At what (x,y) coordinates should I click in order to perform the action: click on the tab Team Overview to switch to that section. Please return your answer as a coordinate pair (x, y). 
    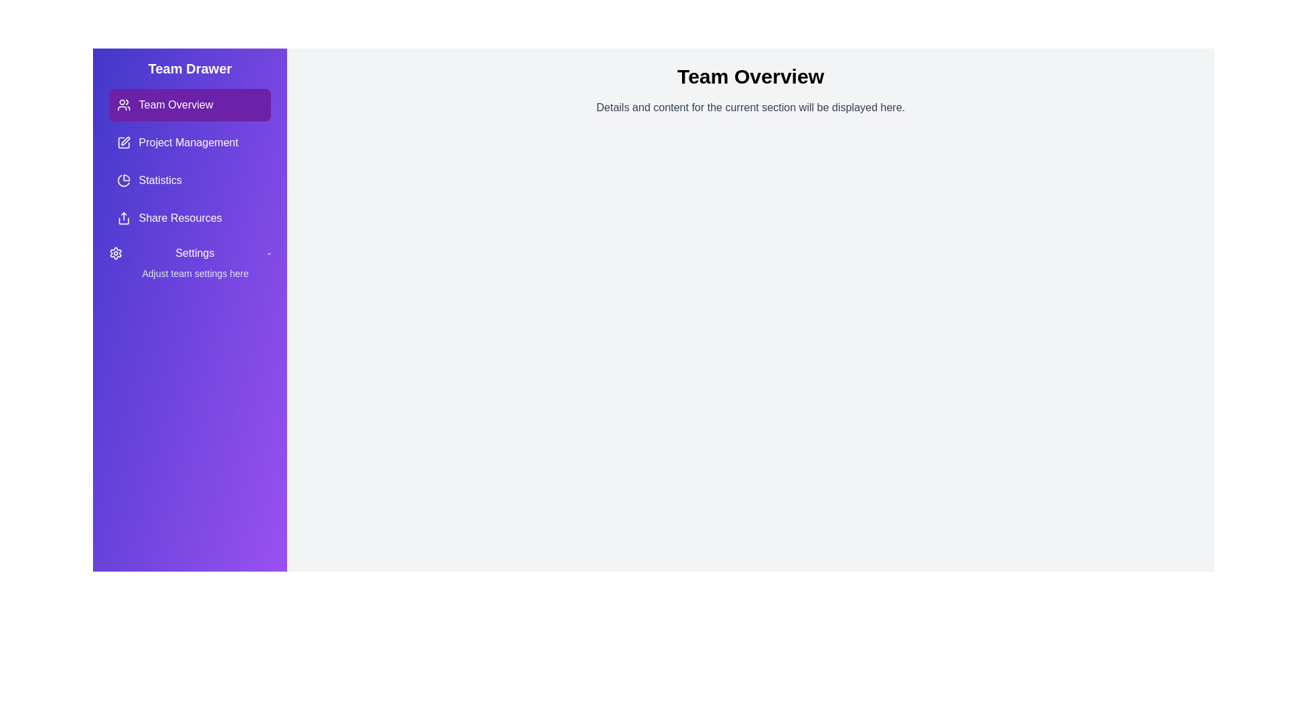
    Looking at the image, I should click on (189, 104).